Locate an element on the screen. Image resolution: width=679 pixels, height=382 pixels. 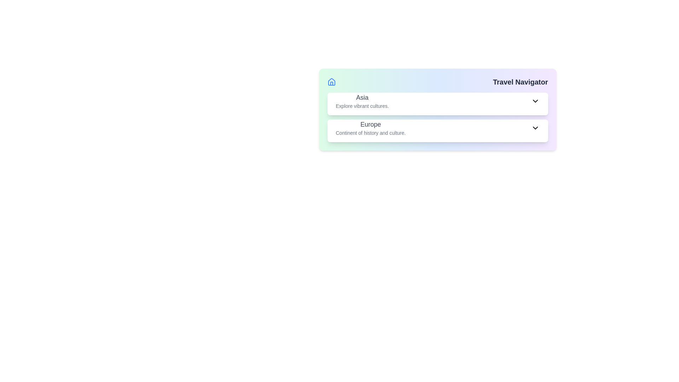
the Text Display element that shows the title 'Asia' and subtitle 'Explore vibrant cultures.' is located at coordinates (362, 101).